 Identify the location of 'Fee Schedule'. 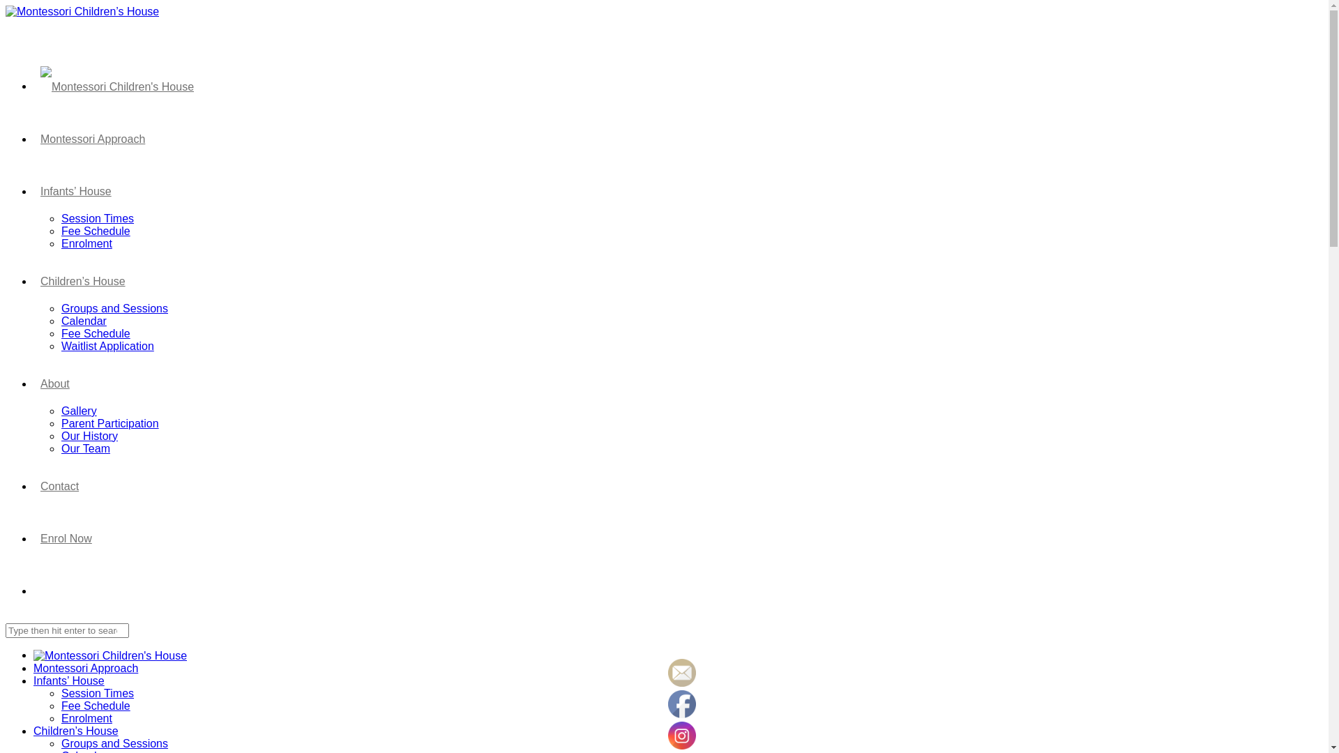
(95, 333).